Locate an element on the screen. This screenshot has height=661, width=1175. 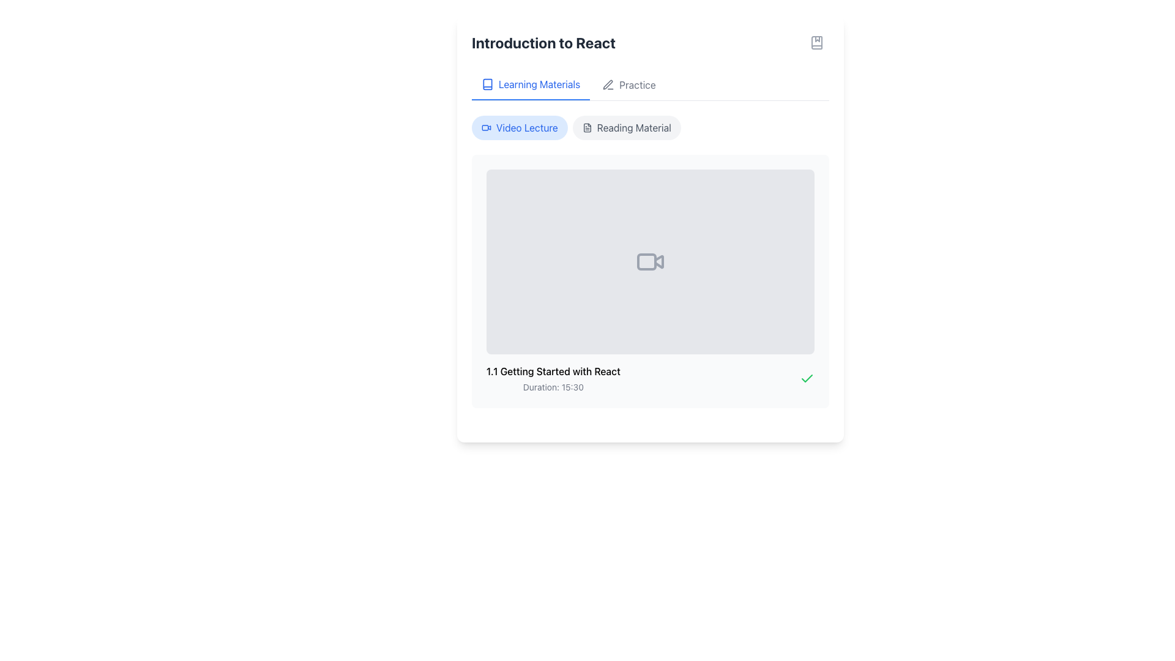
the graphical representation of the book icon located to the left of the 'Learning Materials' text in the navigation tab is located at coordinates (487, 84).